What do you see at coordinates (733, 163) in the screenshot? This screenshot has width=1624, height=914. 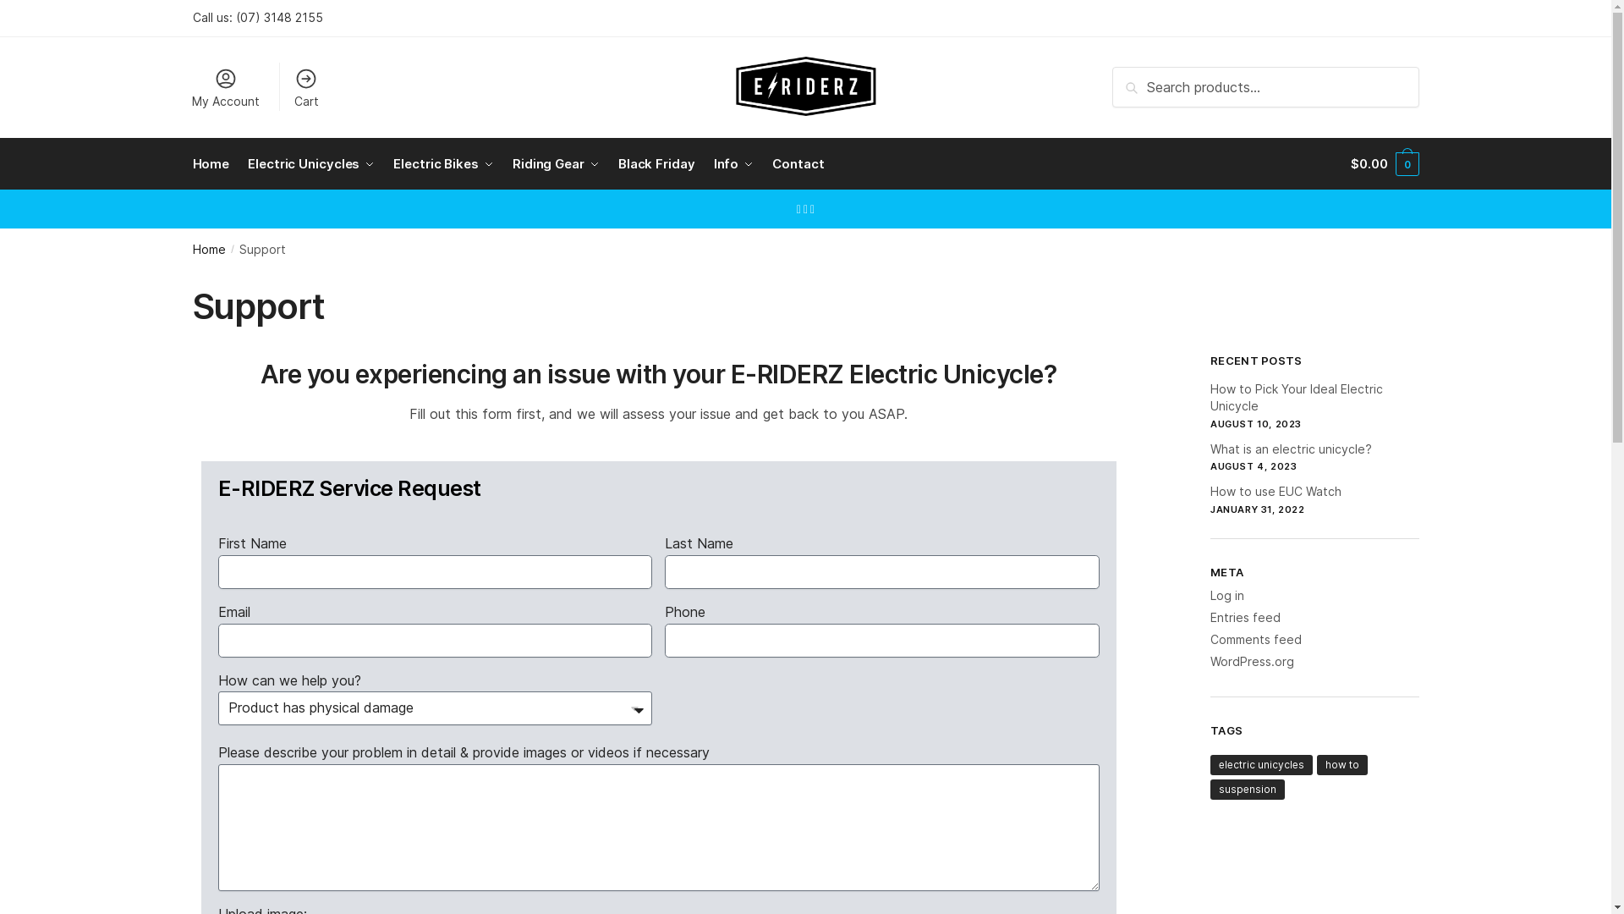 I see `'Info'` at bounding box center [733, 163].